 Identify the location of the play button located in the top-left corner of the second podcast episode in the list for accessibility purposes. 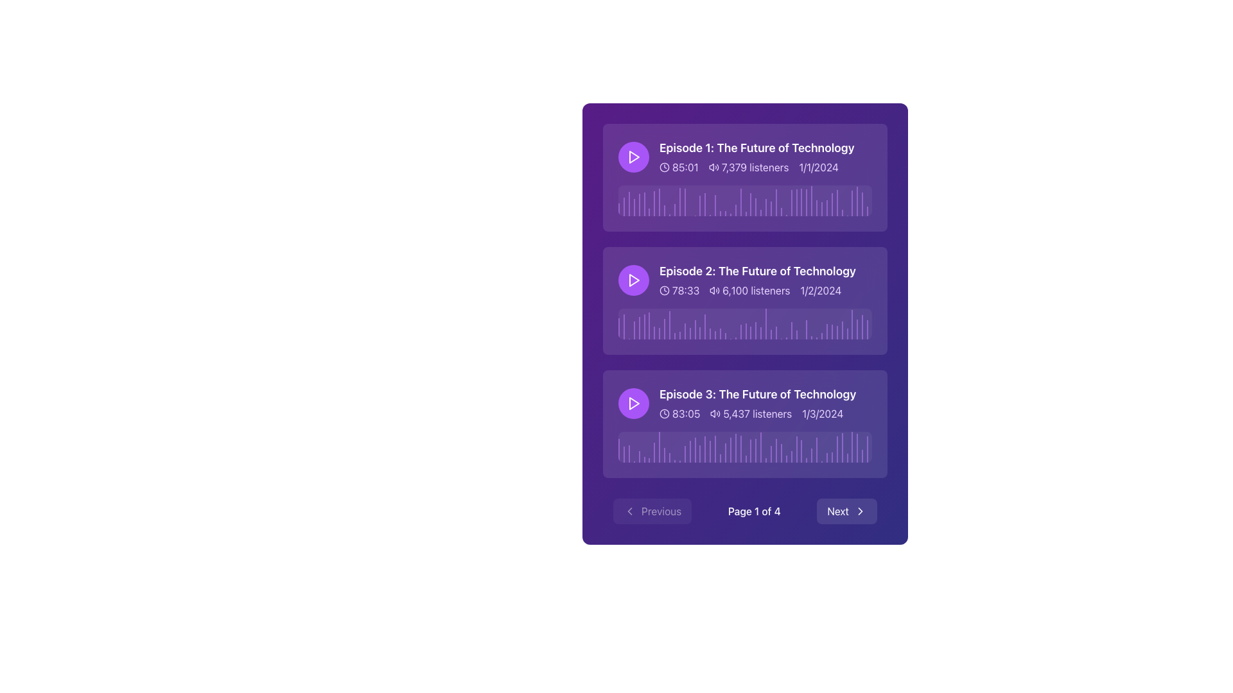
(634, 279).